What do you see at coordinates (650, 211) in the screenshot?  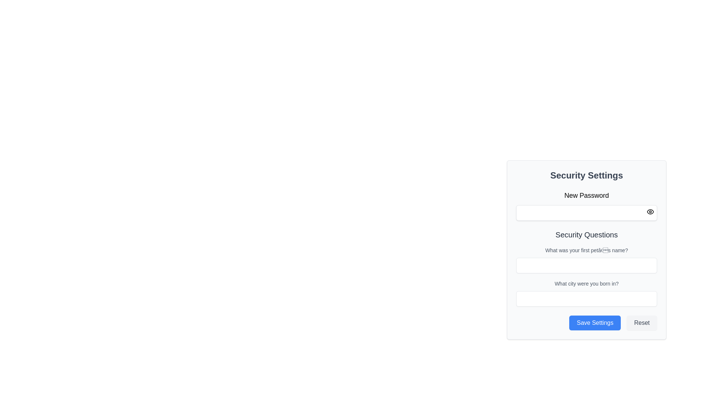 I see `the button in the upper-right corner of the 'New Password' input field` at bounding box center [650, 211].